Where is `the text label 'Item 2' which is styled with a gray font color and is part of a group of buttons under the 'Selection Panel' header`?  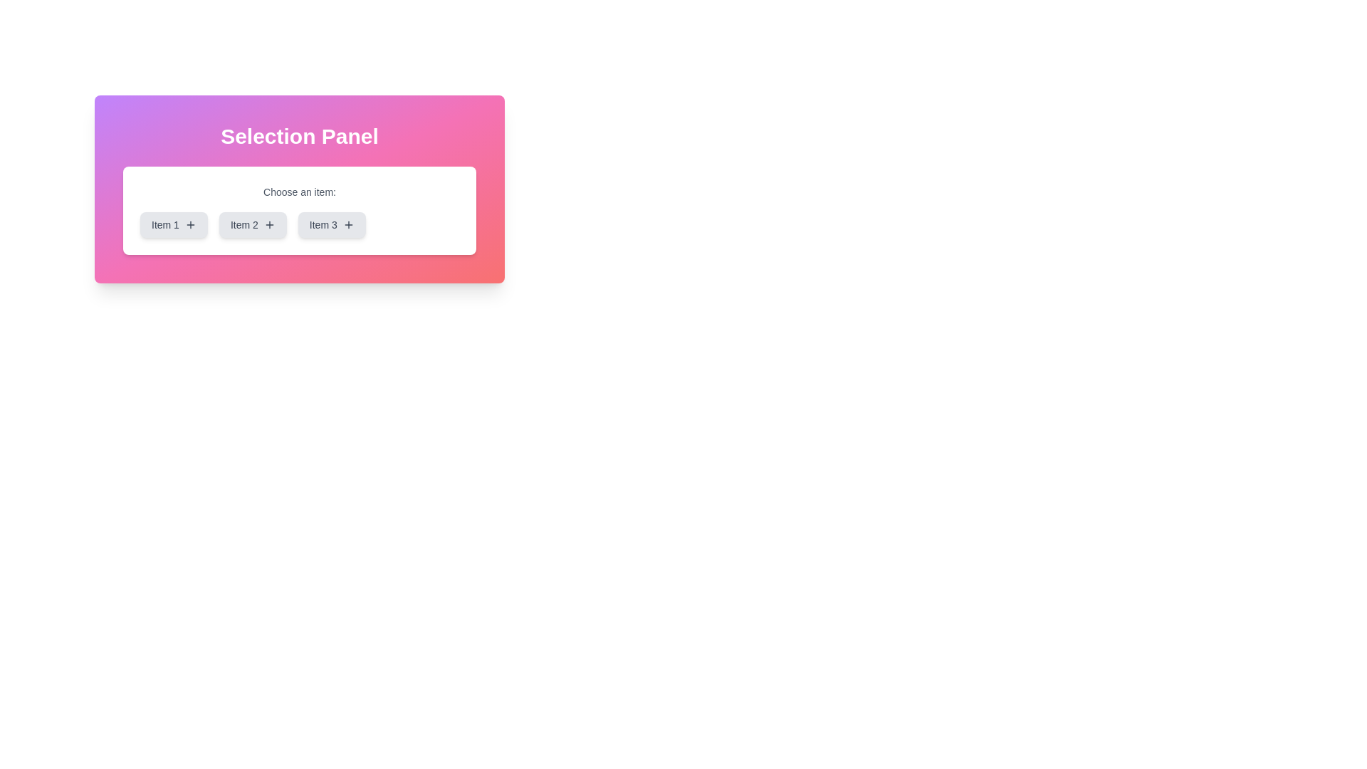
the text label 'Item 2' which is styled with a gray font color and is part of a group of buttons under the 'Selection Panel' header is located at coordinates (244, 224).